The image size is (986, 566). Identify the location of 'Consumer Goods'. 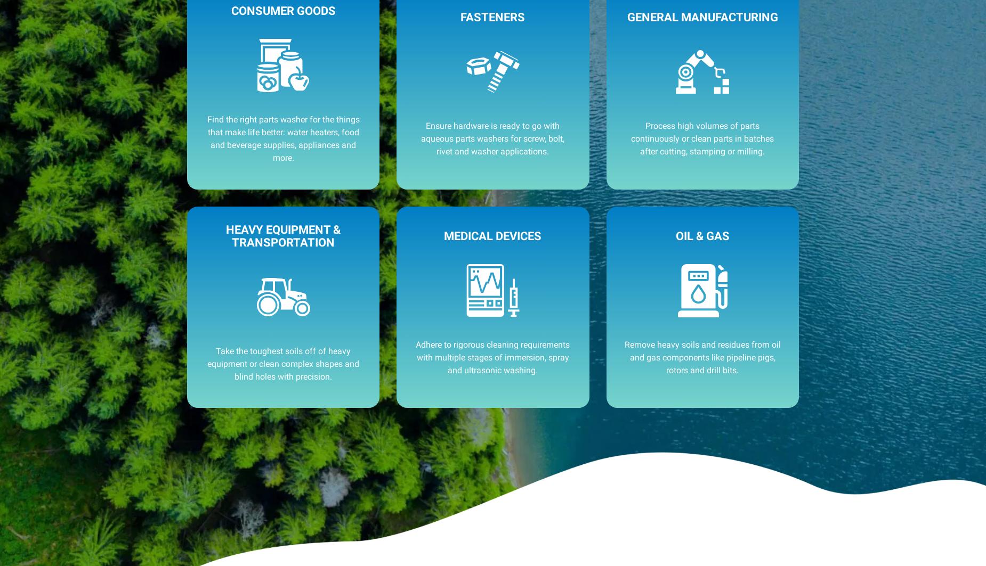
(282, 11).